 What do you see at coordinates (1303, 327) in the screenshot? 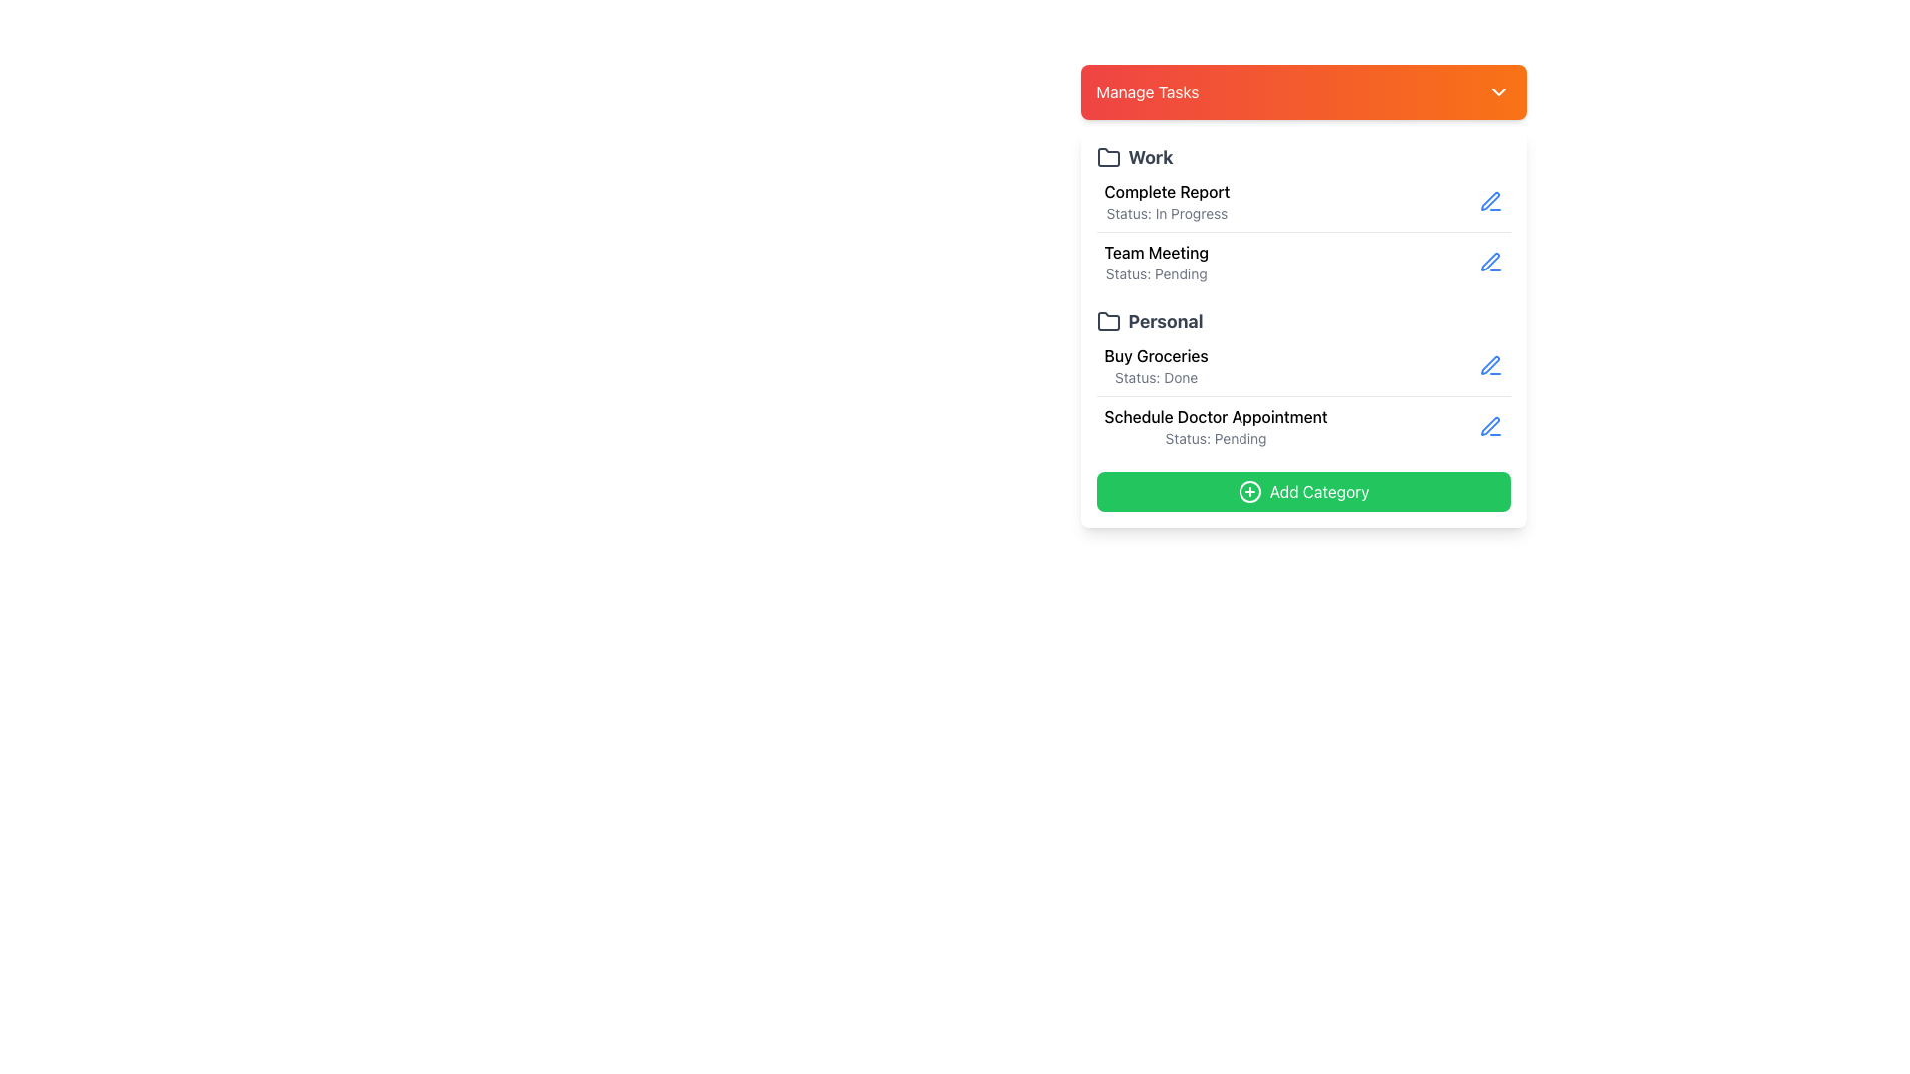
I see `task titles and statuses from the 'Personal' categorized task list section, which is the third section in the list located below the 'Work' section` at bounding box center [1303, 327].